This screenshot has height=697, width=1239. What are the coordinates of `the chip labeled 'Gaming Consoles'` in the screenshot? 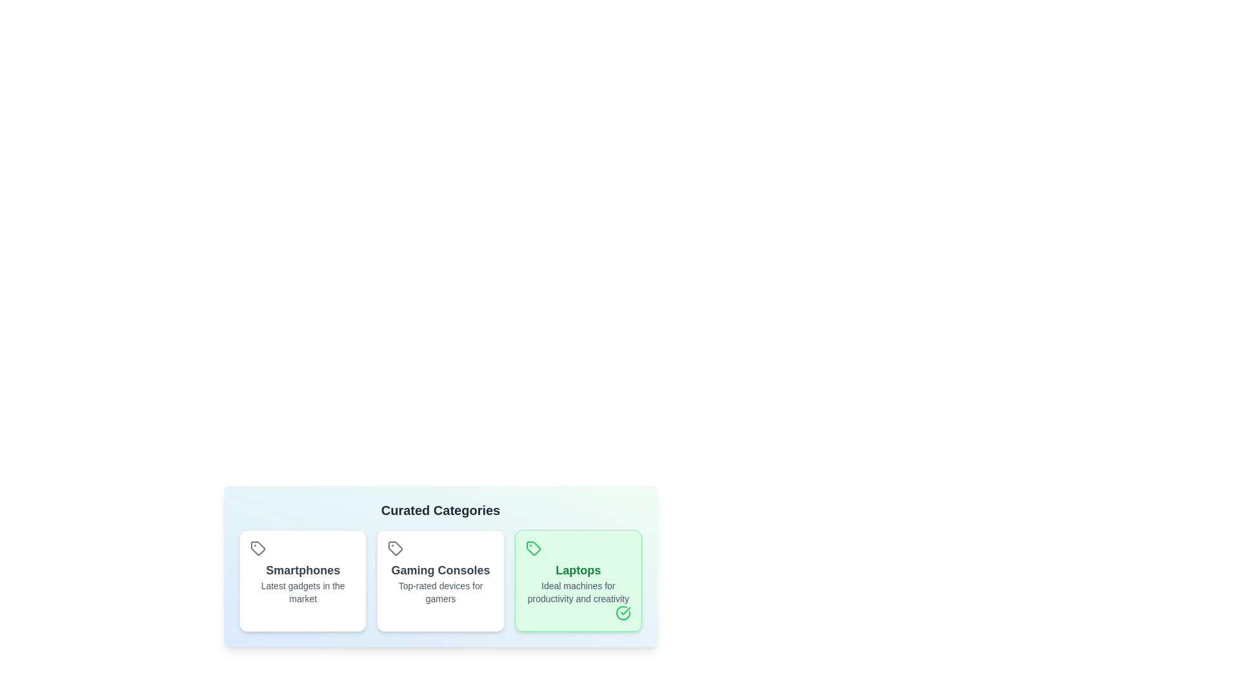 It's located at (440, 580).